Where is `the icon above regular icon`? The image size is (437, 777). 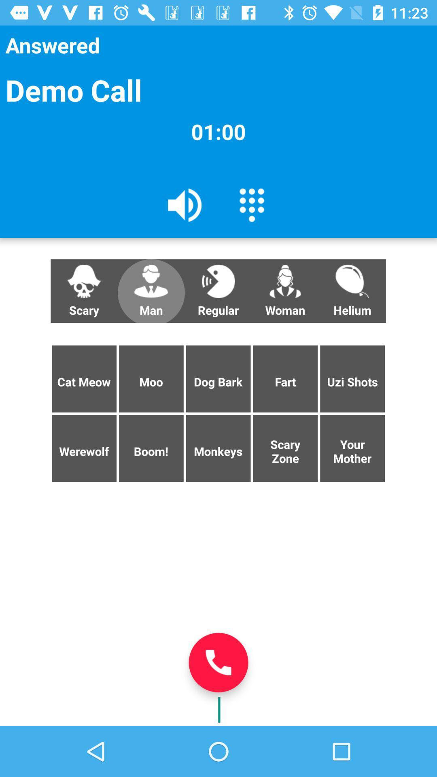 the icon above regular icon is located at coordinates (251, 204).